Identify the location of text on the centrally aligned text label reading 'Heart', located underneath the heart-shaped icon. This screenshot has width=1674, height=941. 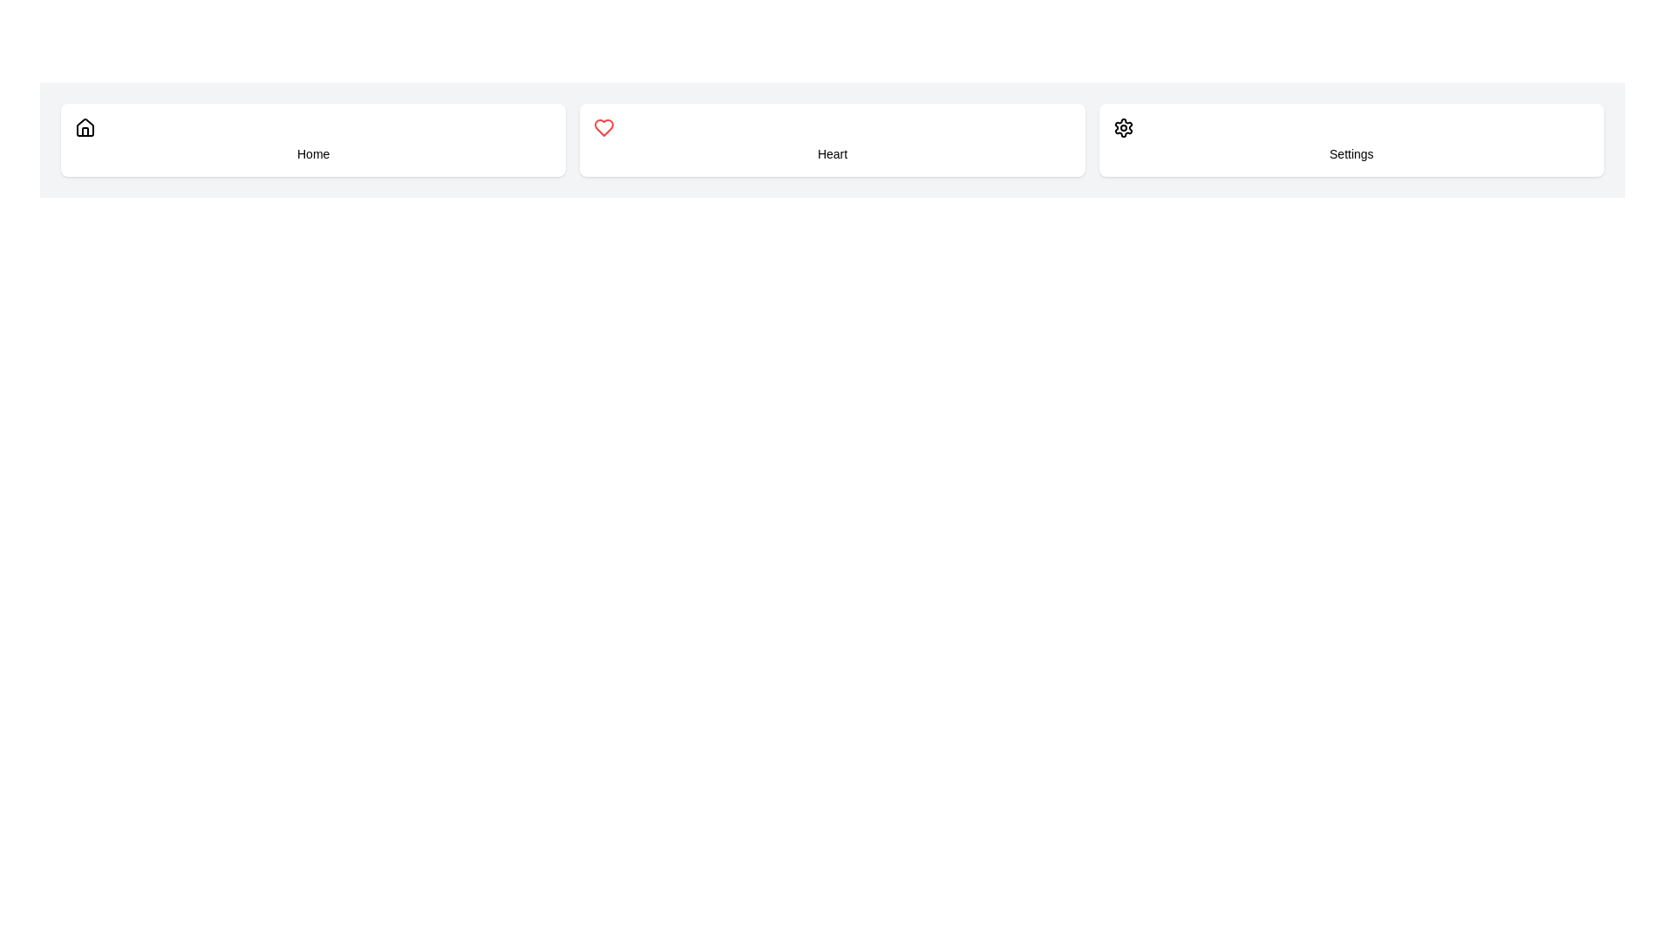
(832, 153).